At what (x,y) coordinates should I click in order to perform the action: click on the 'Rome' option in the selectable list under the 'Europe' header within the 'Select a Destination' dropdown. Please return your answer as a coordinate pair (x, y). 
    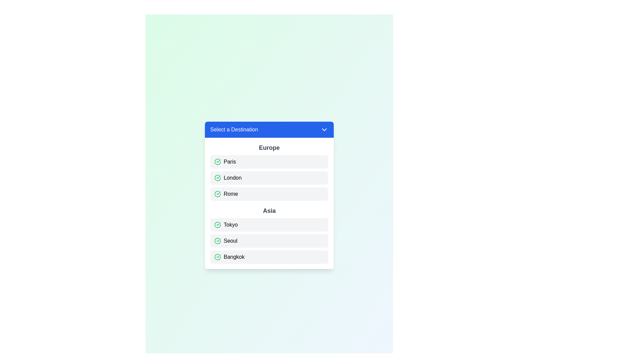
    Looking at the image, I should click on (231, 194).